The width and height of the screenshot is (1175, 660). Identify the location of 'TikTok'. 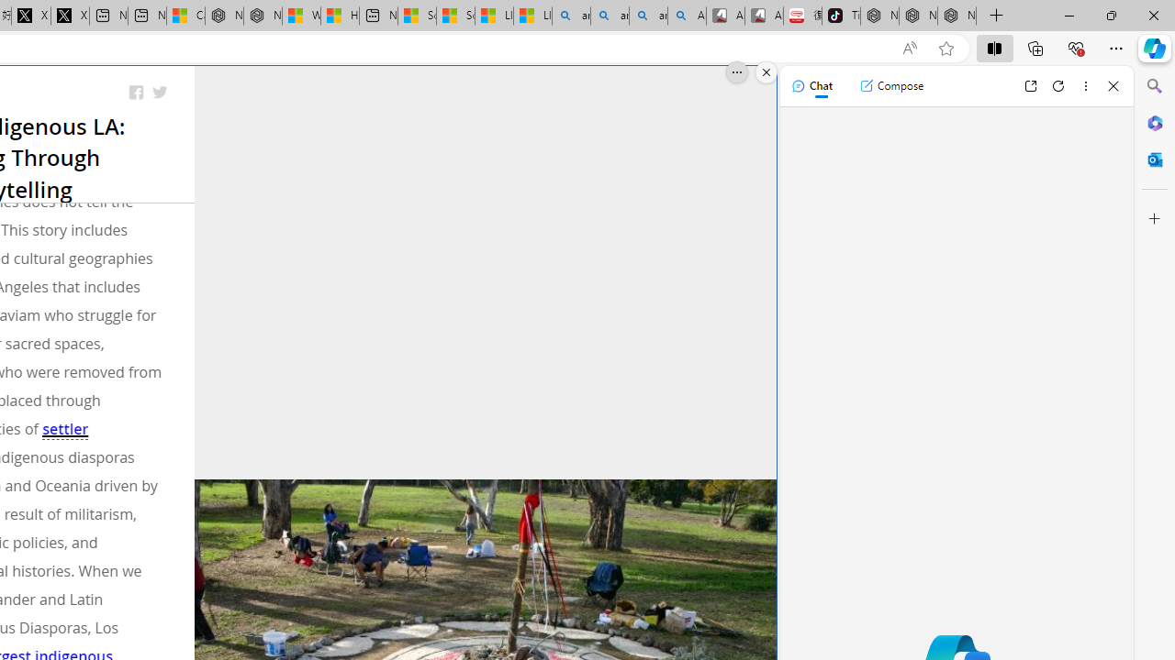
(840, 16).